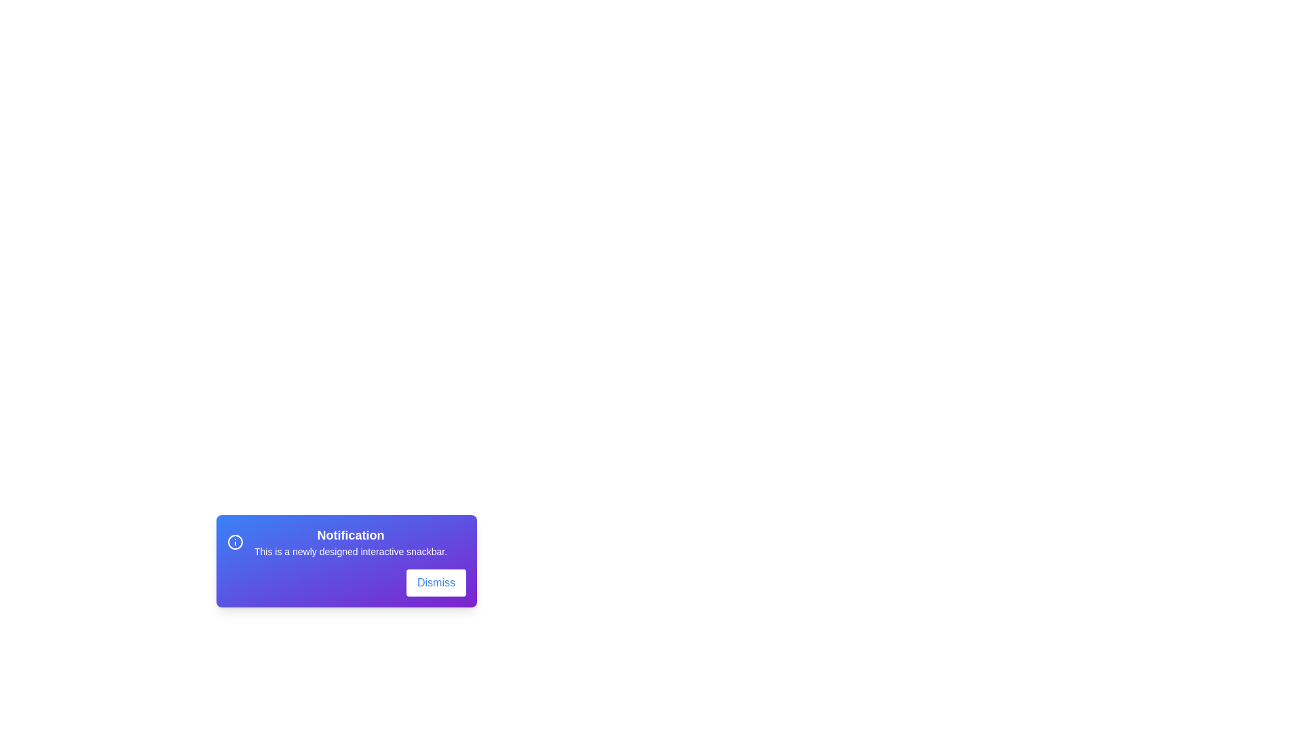  What do you see at coordinates (235, 541) in the screenshot?
I see `the circular SVG icon element located in the top-left corner of the notification banner` at bounding box center [235, 541].